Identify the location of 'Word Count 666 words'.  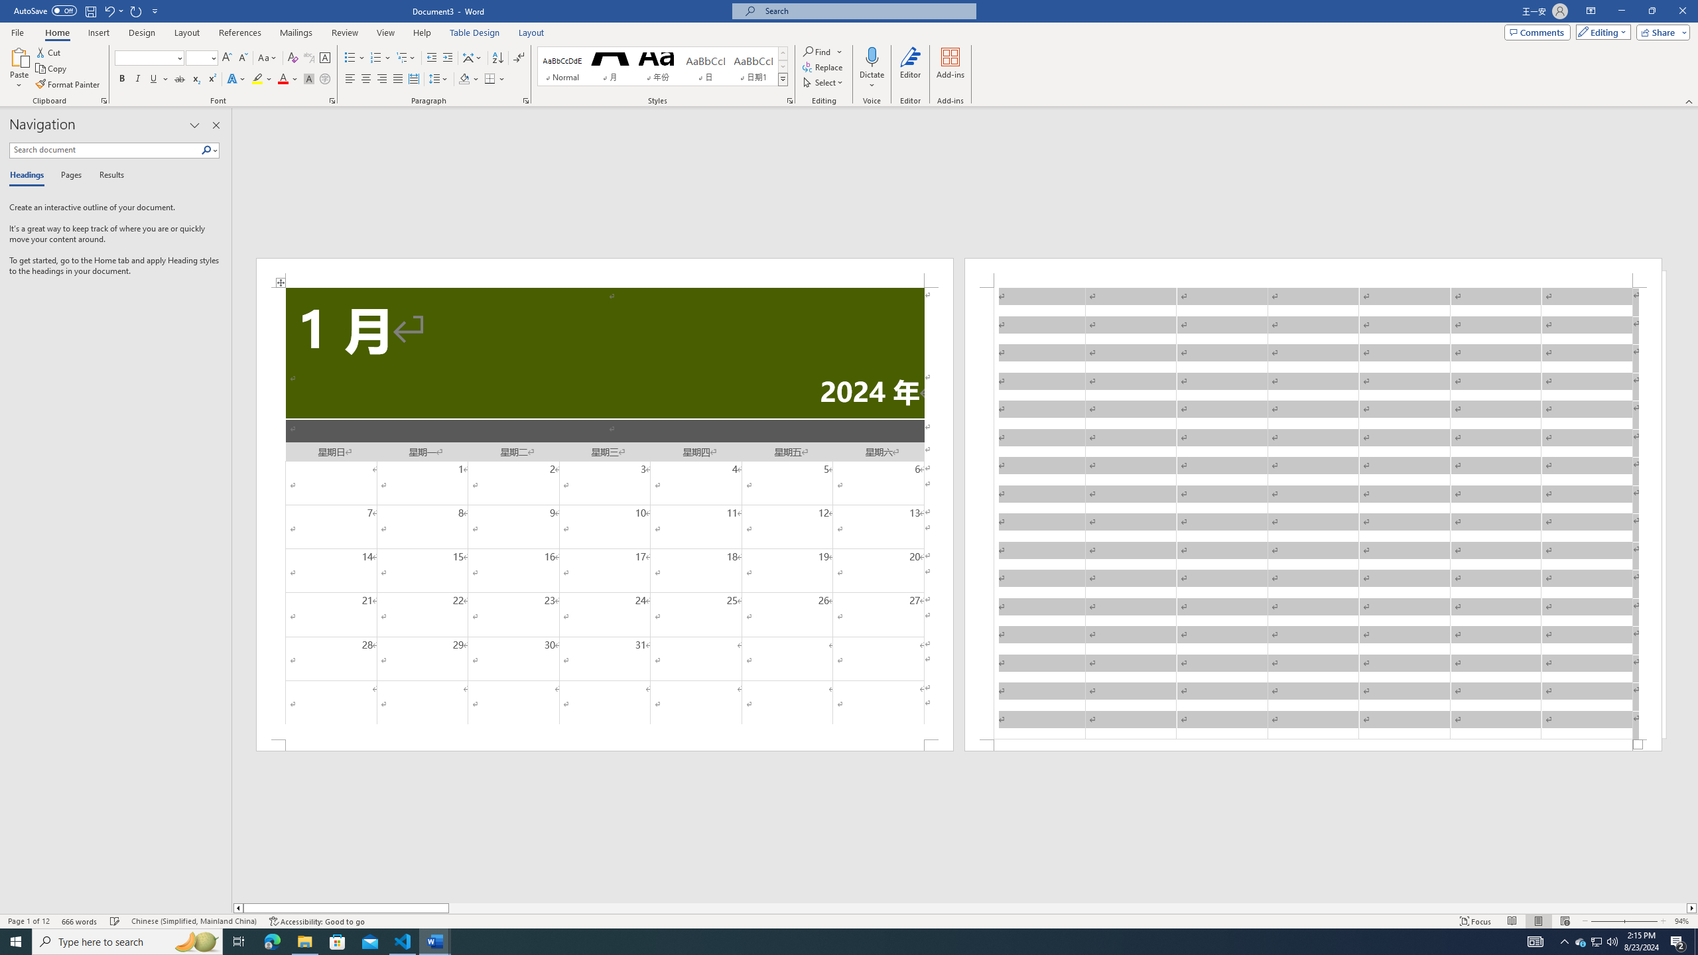
(80, 921).